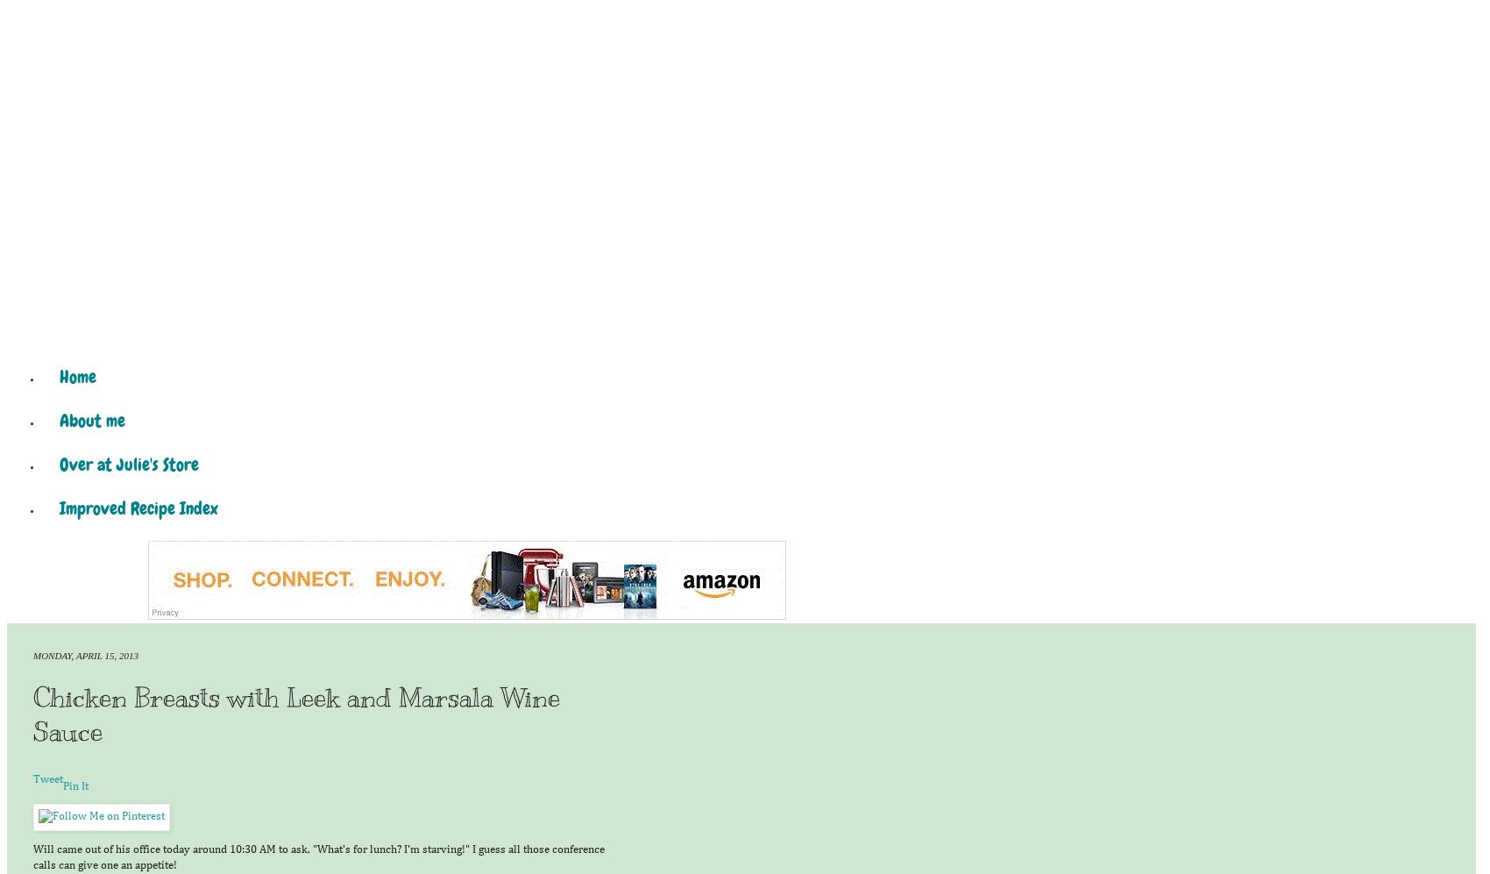 This screenshot has width=1490, height=874. What do you see at coordinates (92, 420) in the screenshot?
I see `'About me'` at bounding box center [92, 420].